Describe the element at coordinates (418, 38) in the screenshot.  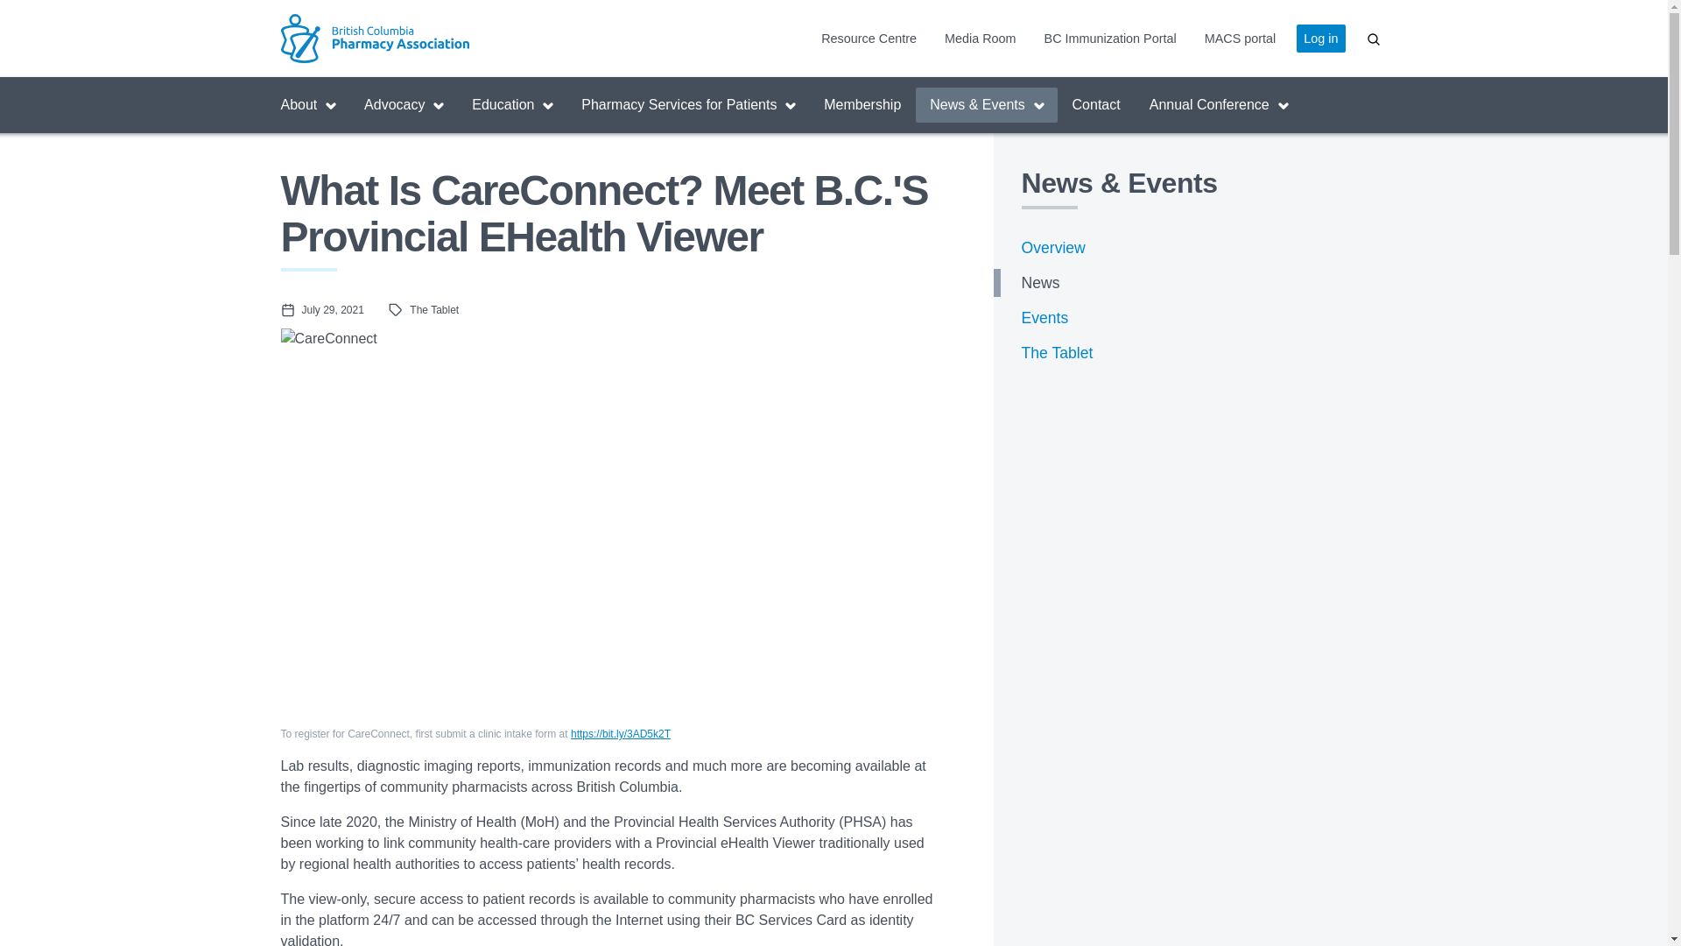
I see `'Home'` at that location.